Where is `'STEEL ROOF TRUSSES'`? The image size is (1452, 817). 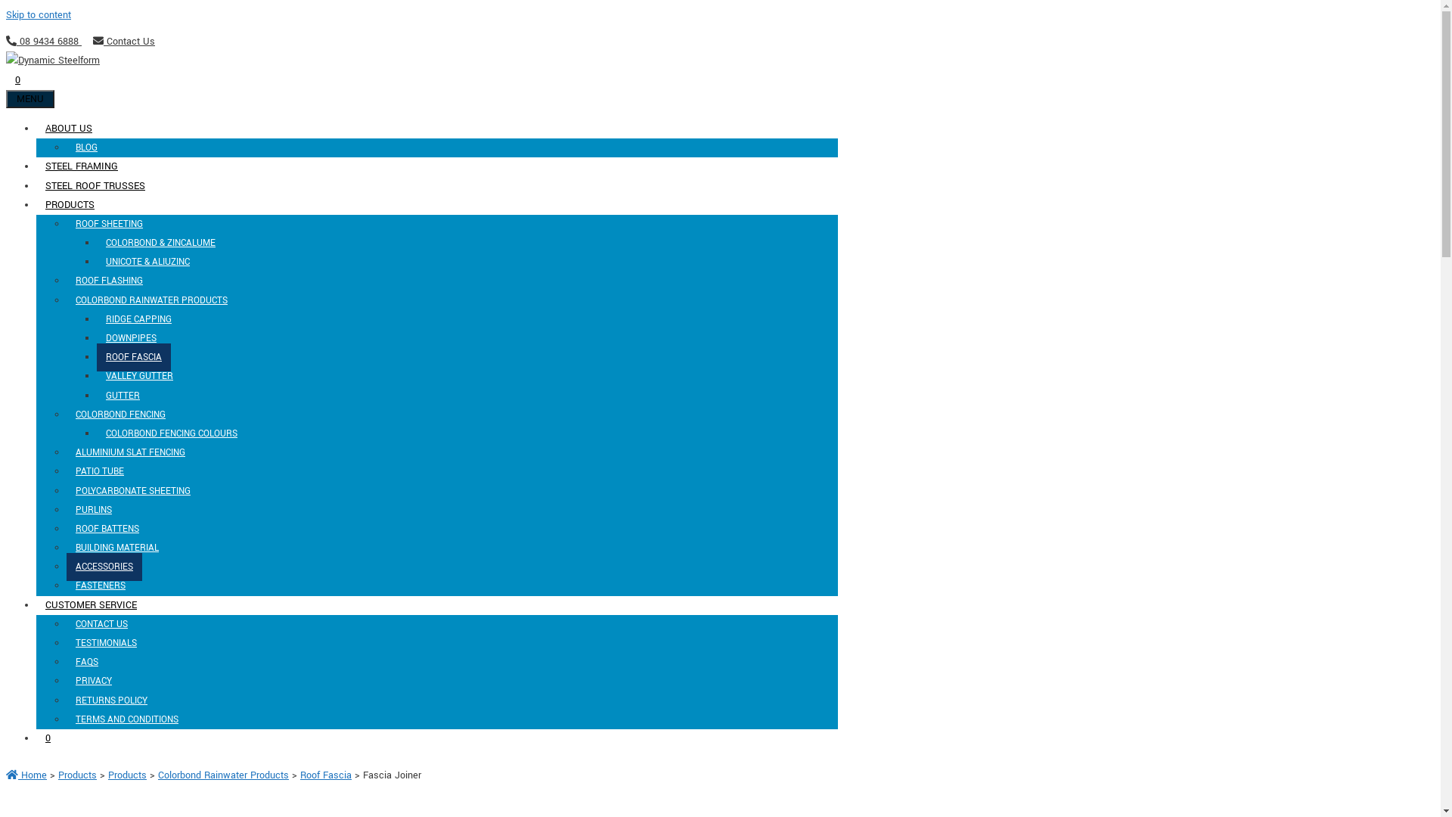 'STEEL ROOF TRUSSES' is located at coordinates (94, 185).